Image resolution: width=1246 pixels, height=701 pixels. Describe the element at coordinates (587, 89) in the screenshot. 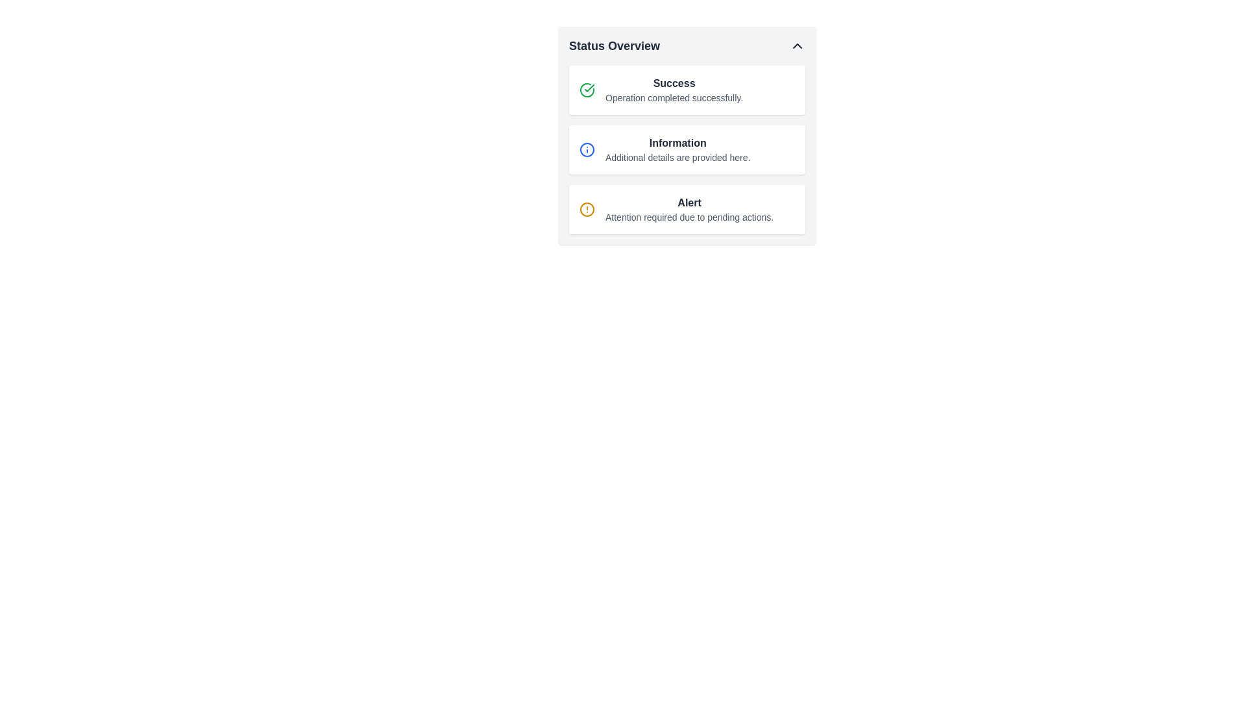

I see `the green circular icon with a checkmark inside, which symbolizes a successful operation, located to the left of the text 'Success Operation completed successfully.'` at that location.